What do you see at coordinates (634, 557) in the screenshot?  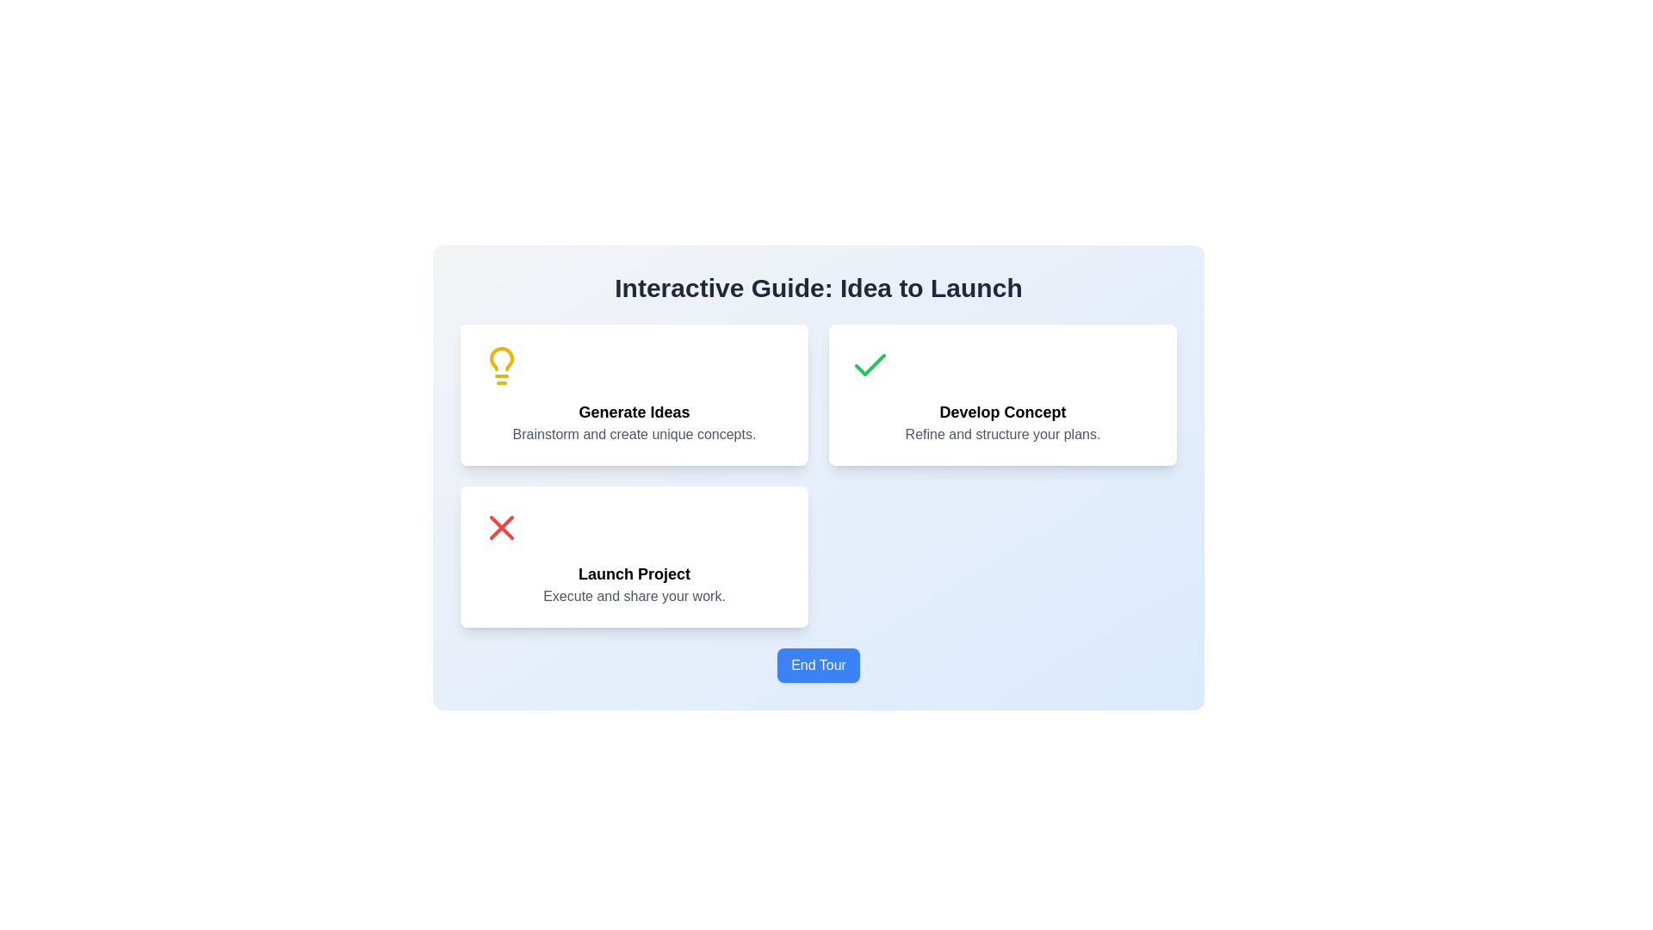 I see `the Info card titled 'Launch Project', which is a white card with a red cross icon, bold title, and a lighter gray subtitle located in the bottom-left portion of the grid layout` at bounding box center [634, 557].